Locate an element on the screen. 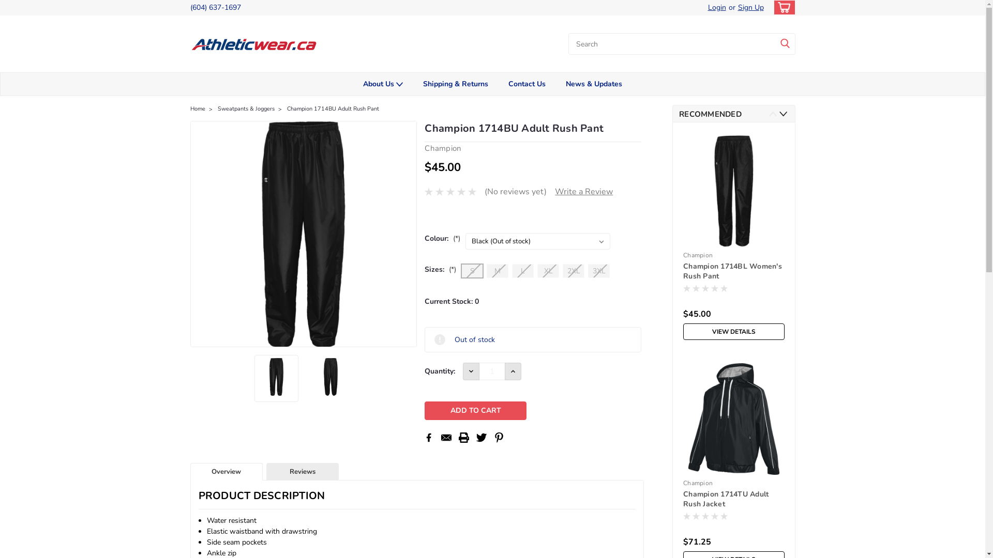  'Previous' is located at coordinates (772, 114).